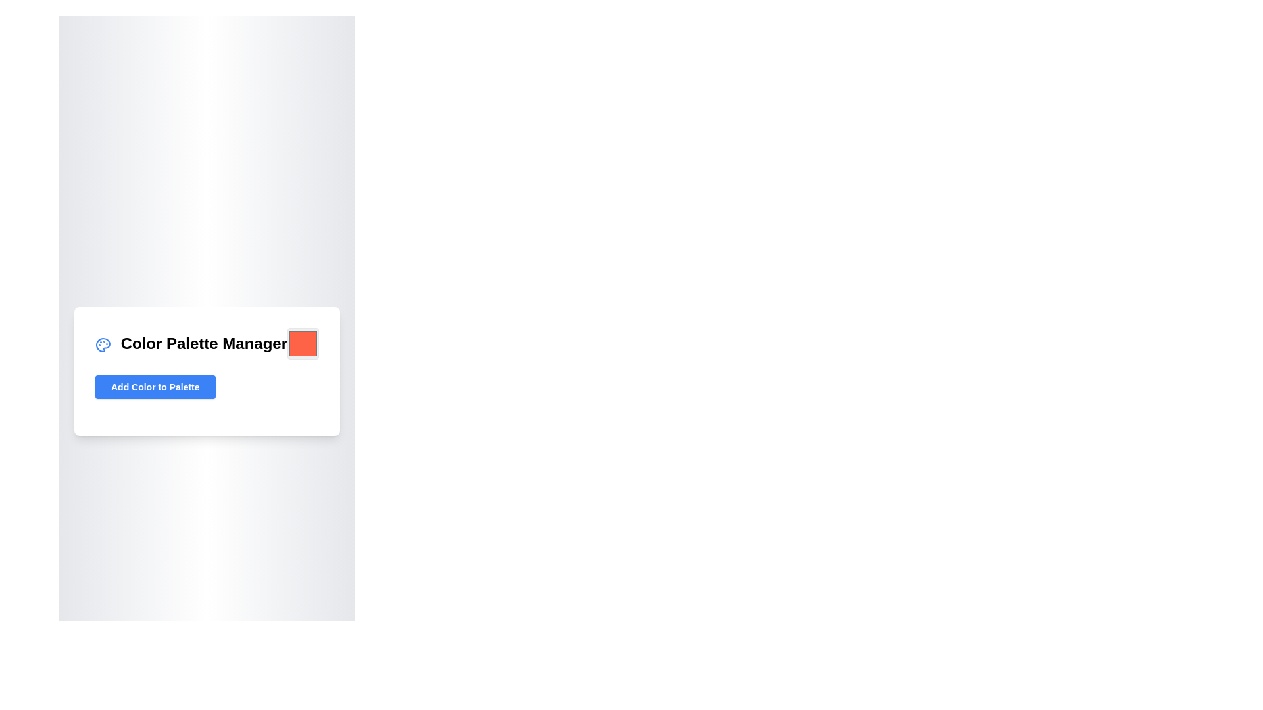 The image size is (1263, 710). What do you see at coordinates (207, 371) in the screenshot?
I see `the button at the bottom of the color palette management card` at bounding box center [207, 371].